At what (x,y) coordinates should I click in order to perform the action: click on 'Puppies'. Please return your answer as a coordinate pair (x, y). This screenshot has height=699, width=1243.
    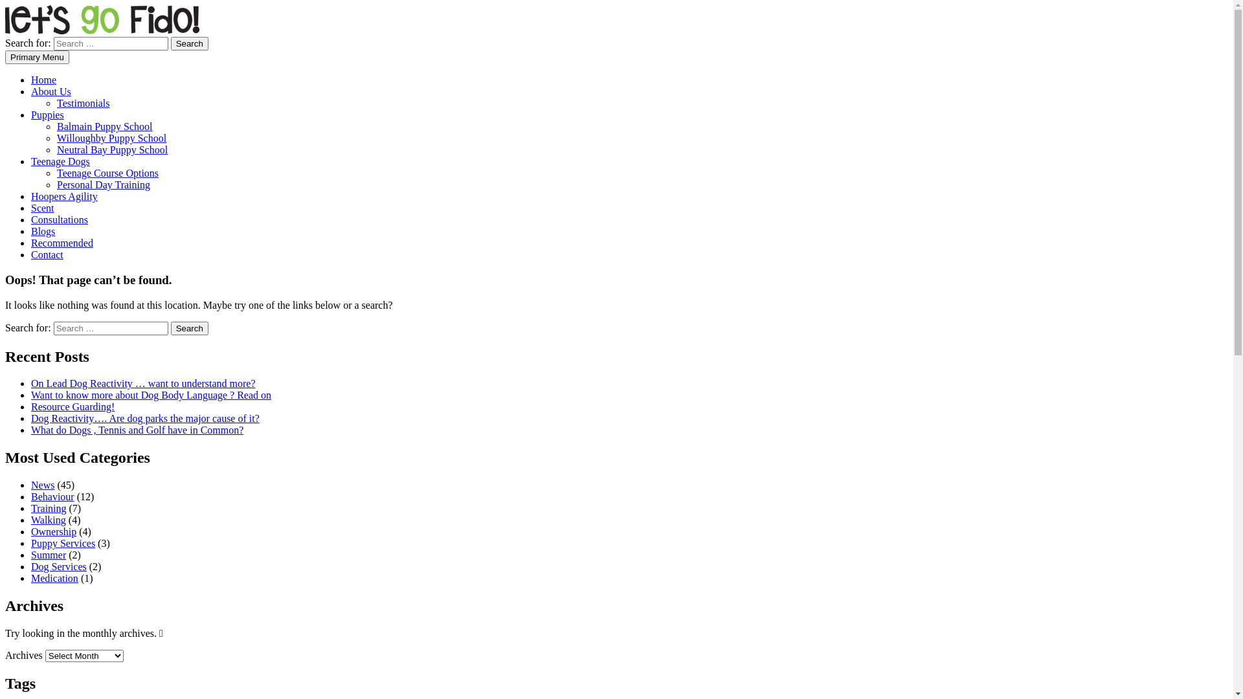
    Looking at the image, I should click on (47, 114).